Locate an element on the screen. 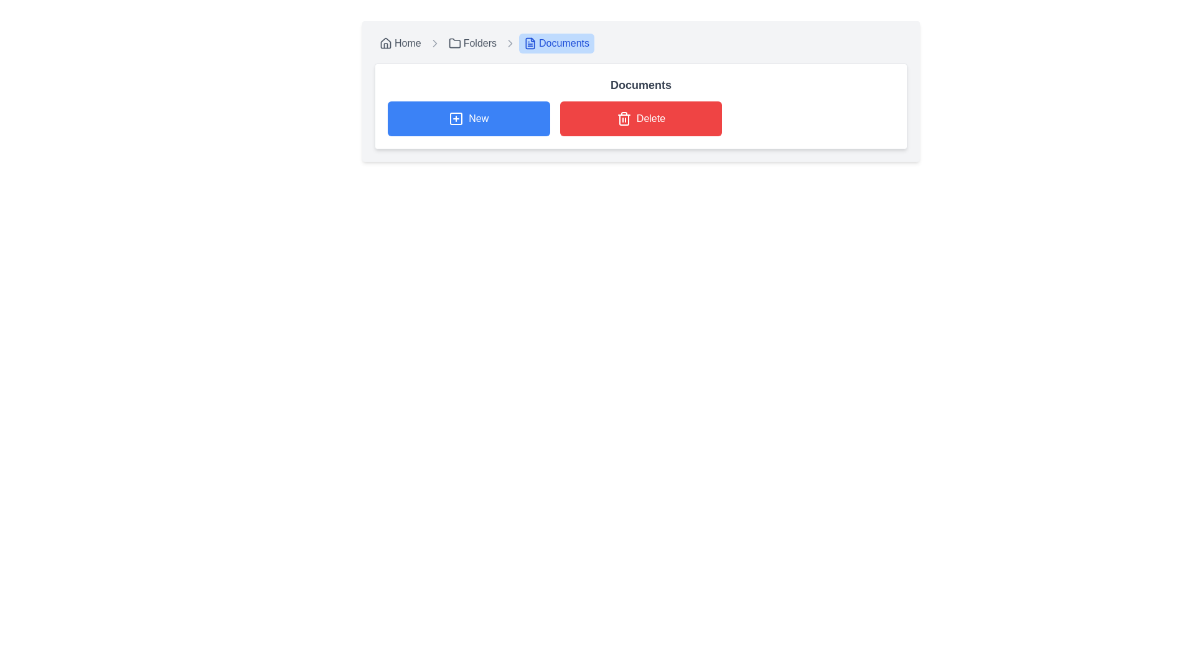 Image resolution: width=1195 pixels, height=672 pixels. the right-facing gray chevron icon in the breadcrumb navigation bar is located at coordinates (510, 42).